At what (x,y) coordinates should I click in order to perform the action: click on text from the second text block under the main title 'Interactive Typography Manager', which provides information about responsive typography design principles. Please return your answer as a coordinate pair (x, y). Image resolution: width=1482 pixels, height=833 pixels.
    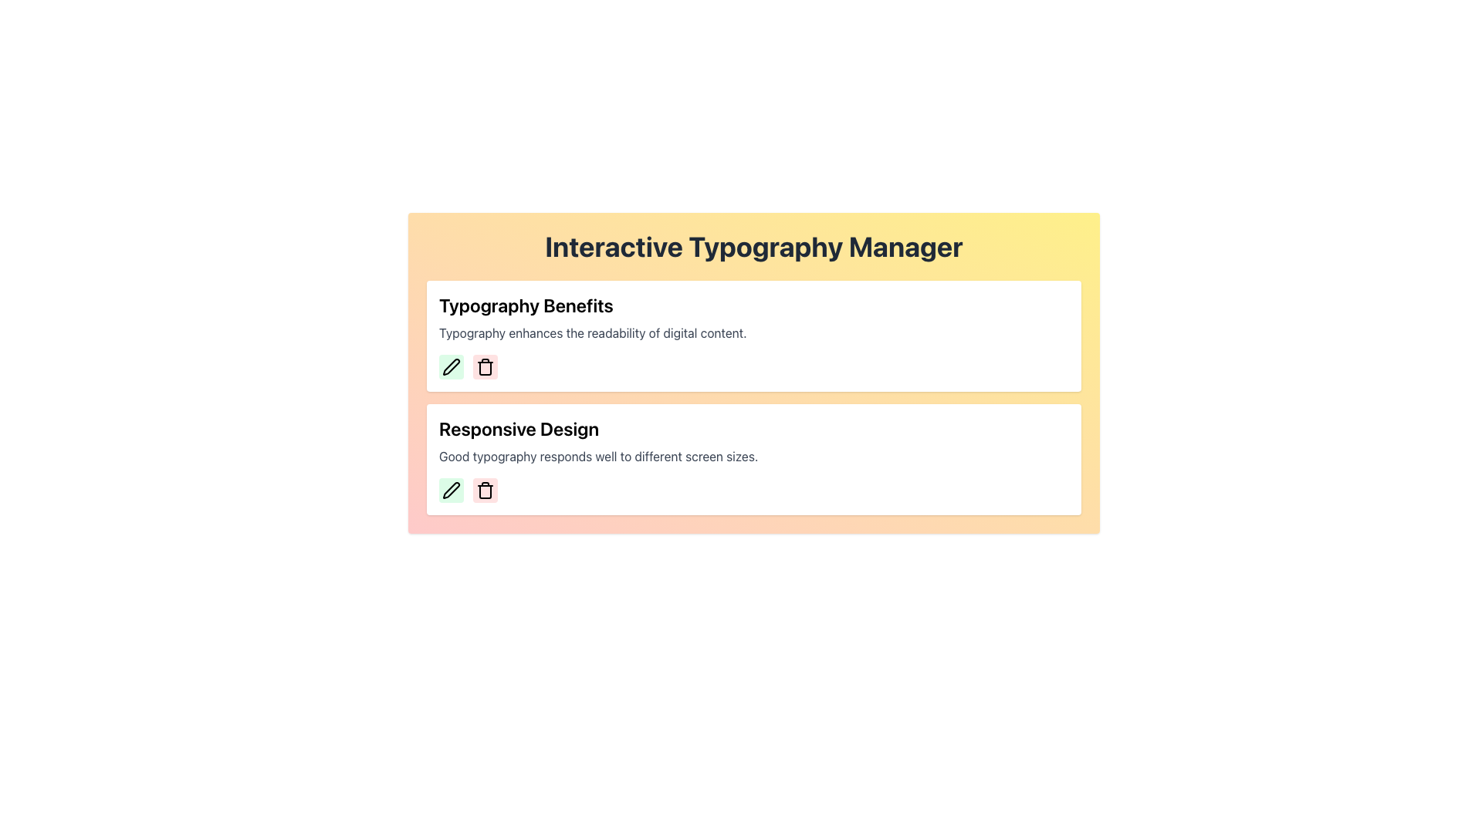
    Looking at the image, I should click on (754, 459).